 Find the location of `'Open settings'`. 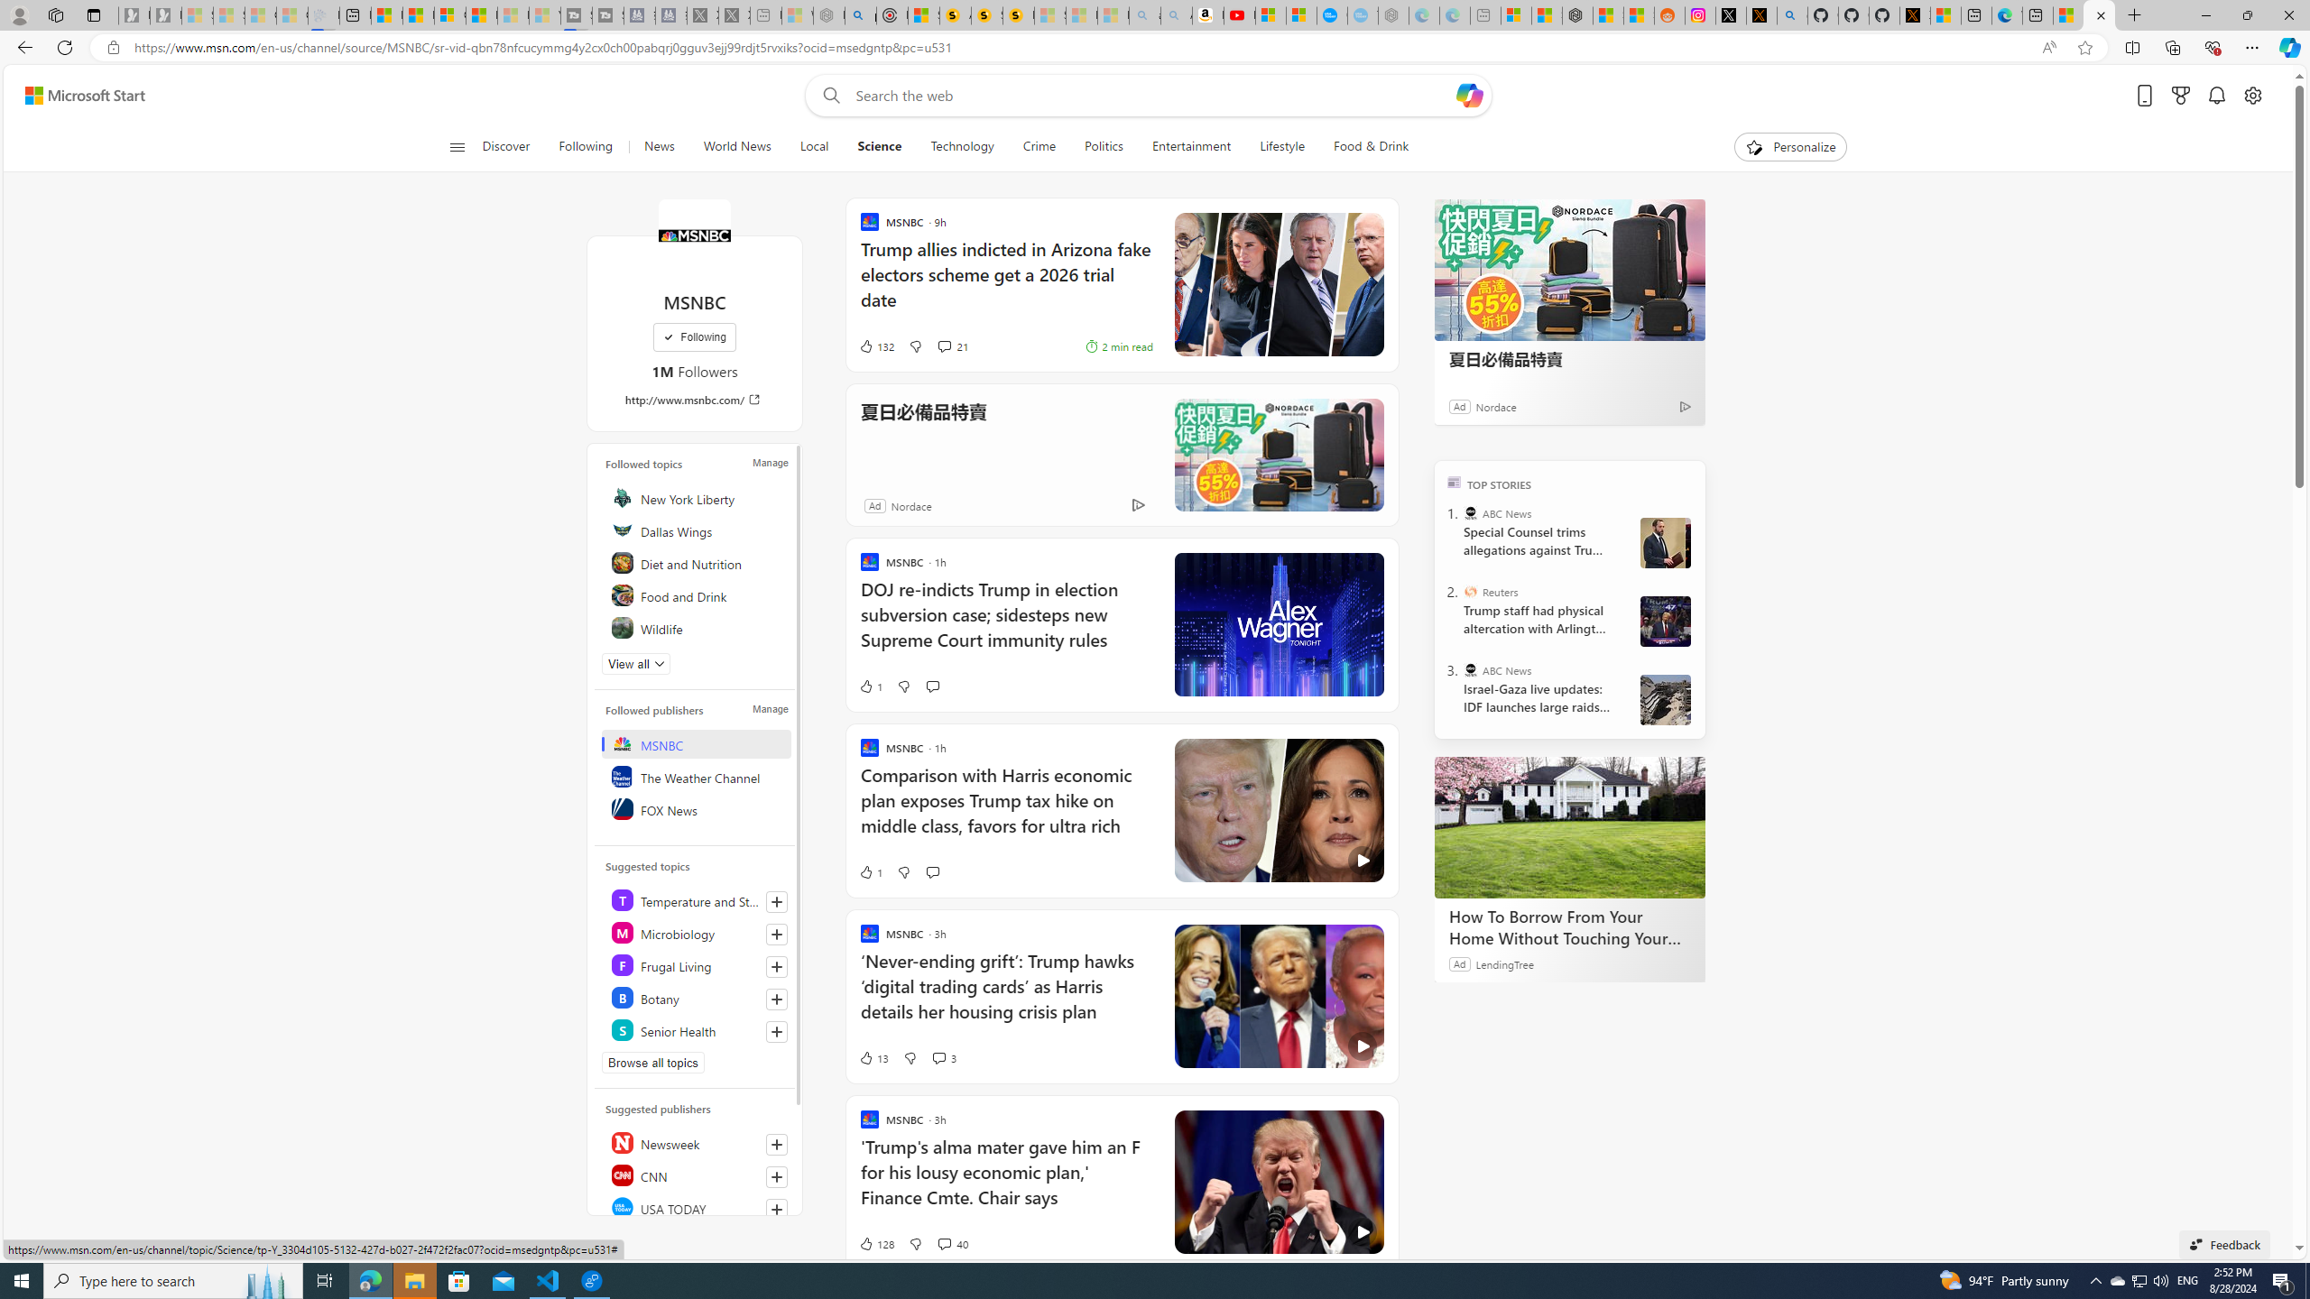

'Open settings' is located at coordinates (2252, 96).